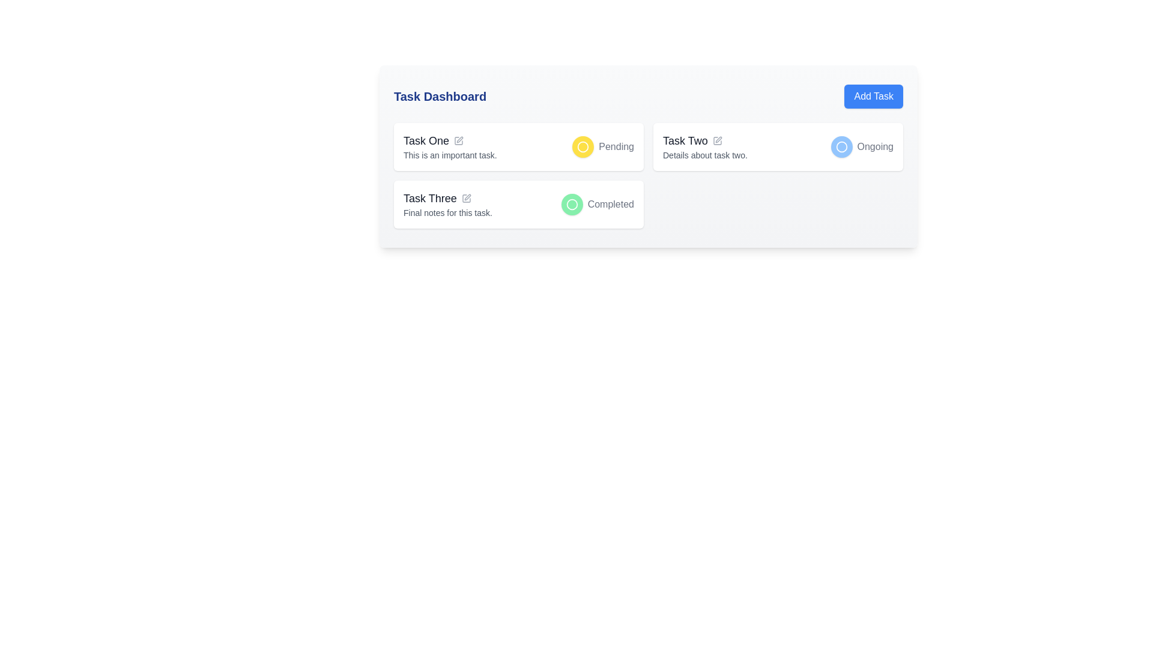  Describe the element at coordinates (841, 146) in the screenshot. I see `the circular element with a white border and blue center located within the 'Task Two' card, aligned with its top-right corner` at that location.